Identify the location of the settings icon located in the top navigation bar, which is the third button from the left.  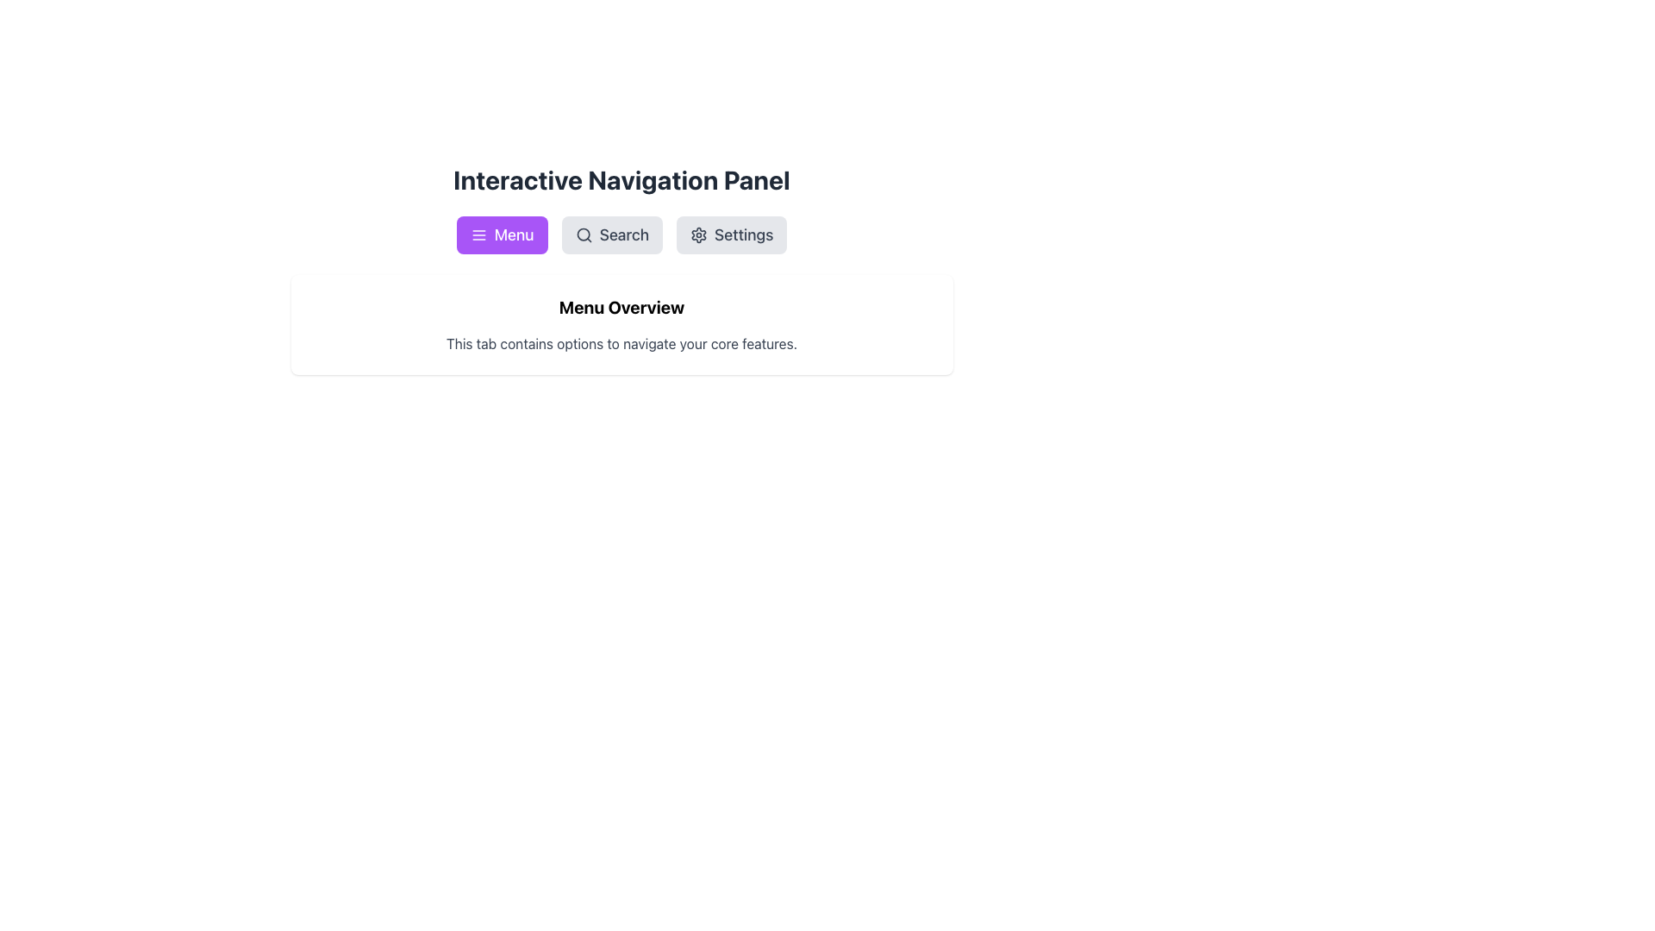
(699, 235).